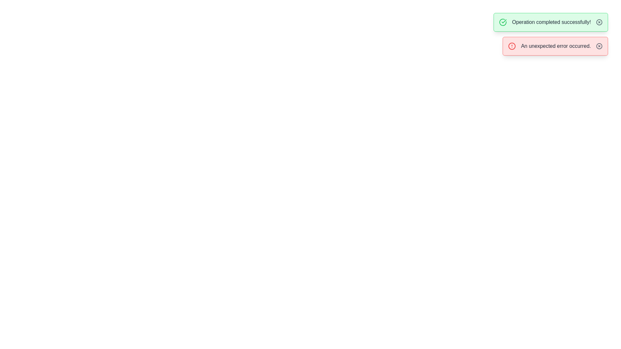 This screenshot has height=349, width=621. I want to click on the circular alert icon indicating an error, which is located in the notification panel with the message 'An unexpected error occurred.', so click(511, 46).